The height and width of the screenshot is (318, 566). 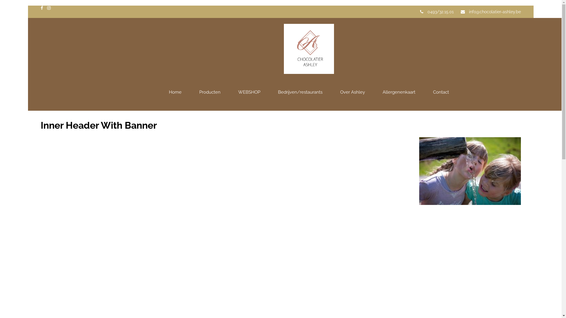 I want to click on 'facebook', so click(x=42, y=8).